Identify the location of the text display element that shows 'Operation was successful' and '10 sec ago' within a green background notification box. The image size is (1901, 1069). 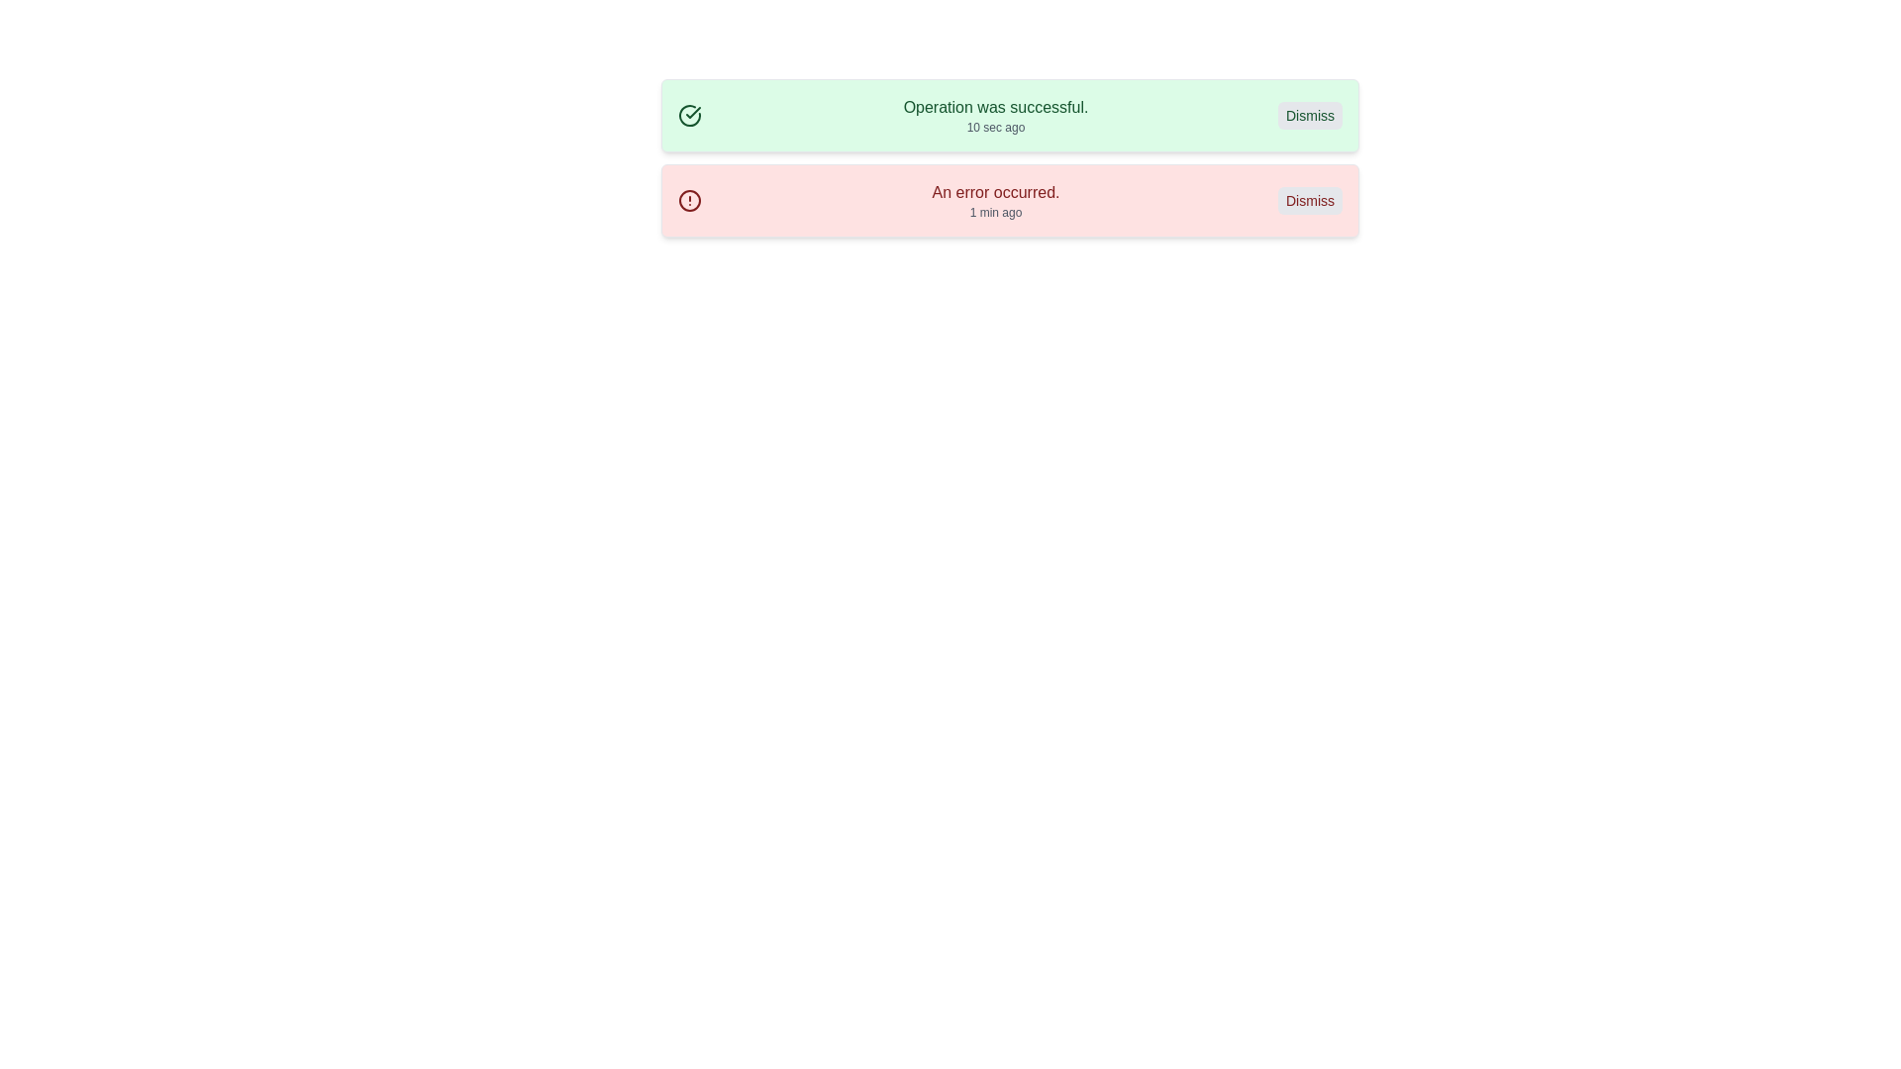
(996, 115).